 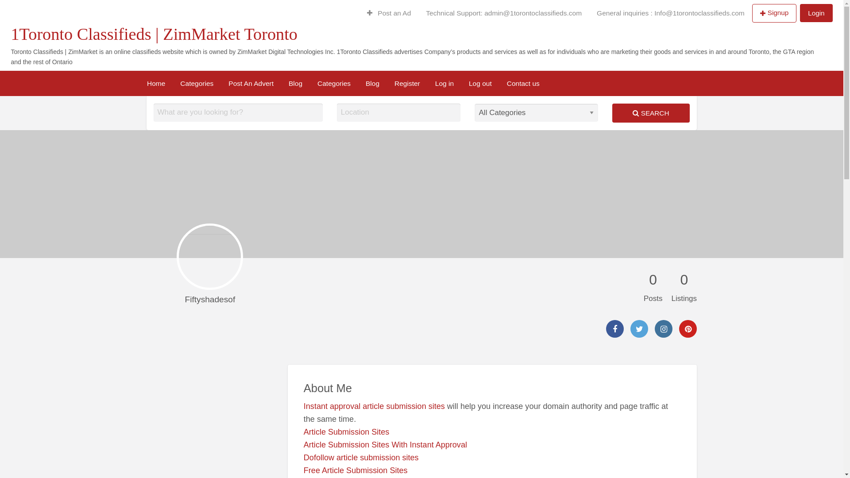 What do you see at coordinates (389, 13) in the screenshot?
I see `'Post an Ad'` at bounding box center [389, 13].